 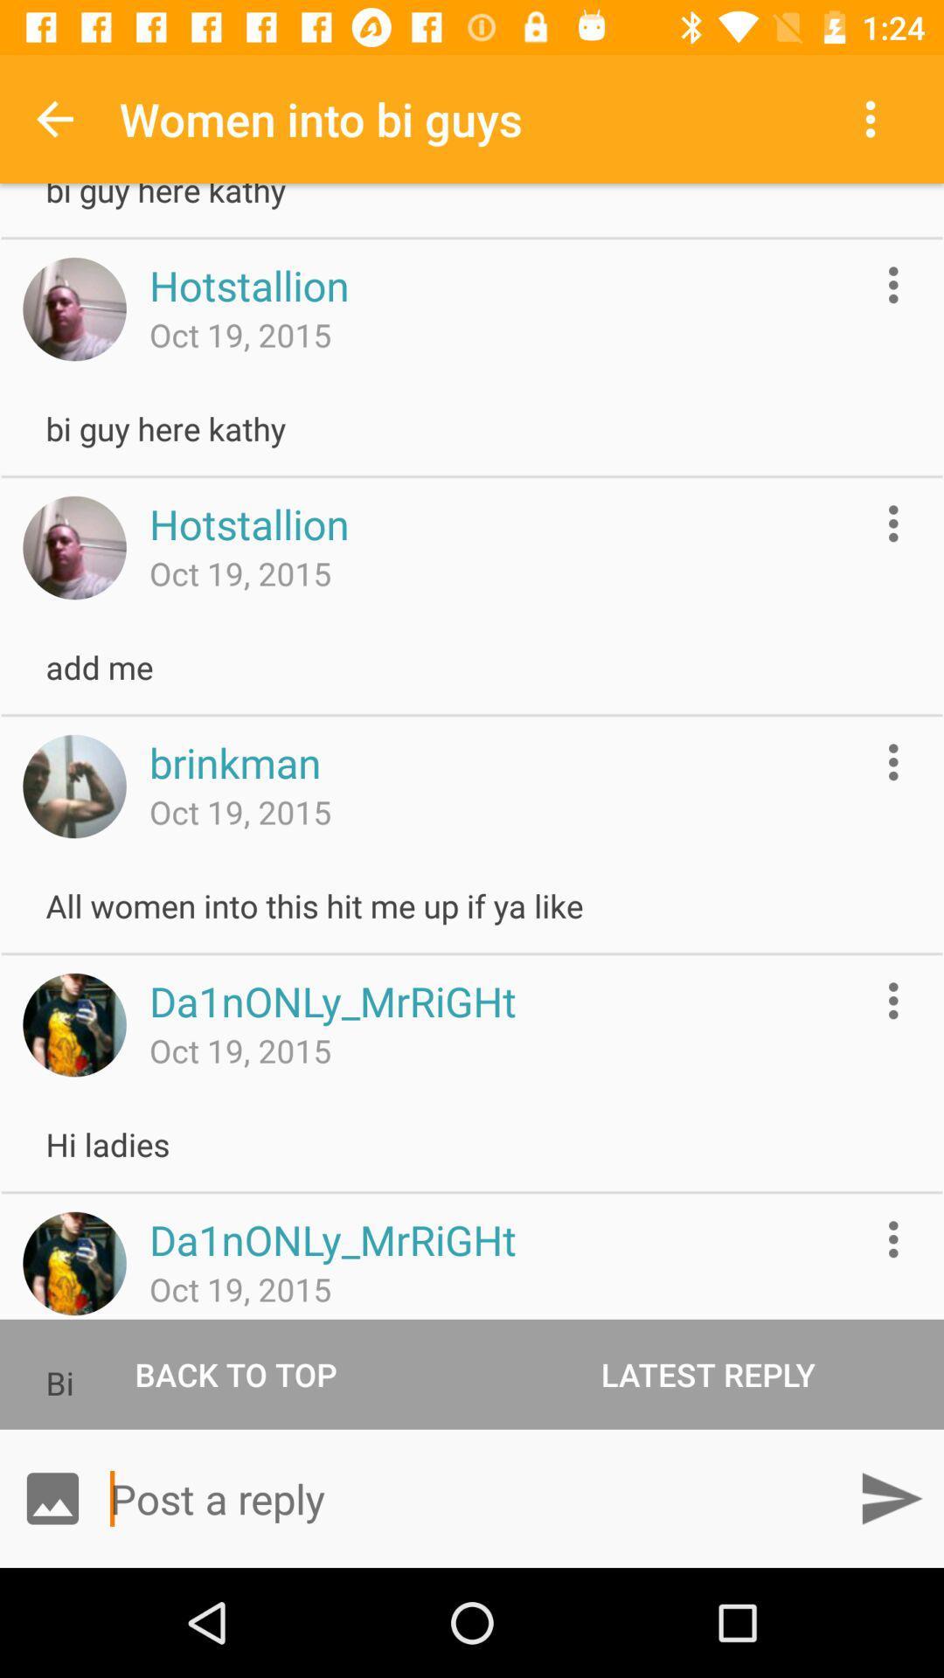 I want to click on more options, so click(x=893, y=523).